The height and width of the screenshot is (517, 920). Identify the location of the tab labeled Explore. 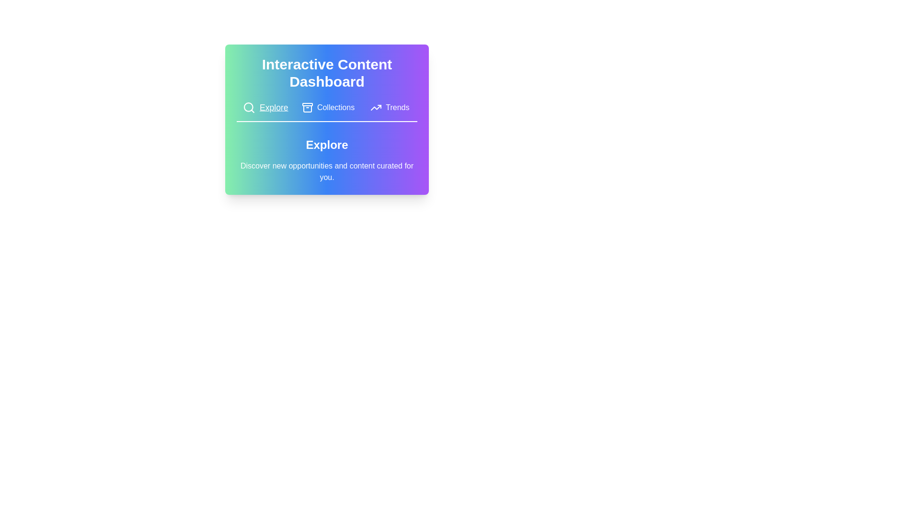
(265, 107).